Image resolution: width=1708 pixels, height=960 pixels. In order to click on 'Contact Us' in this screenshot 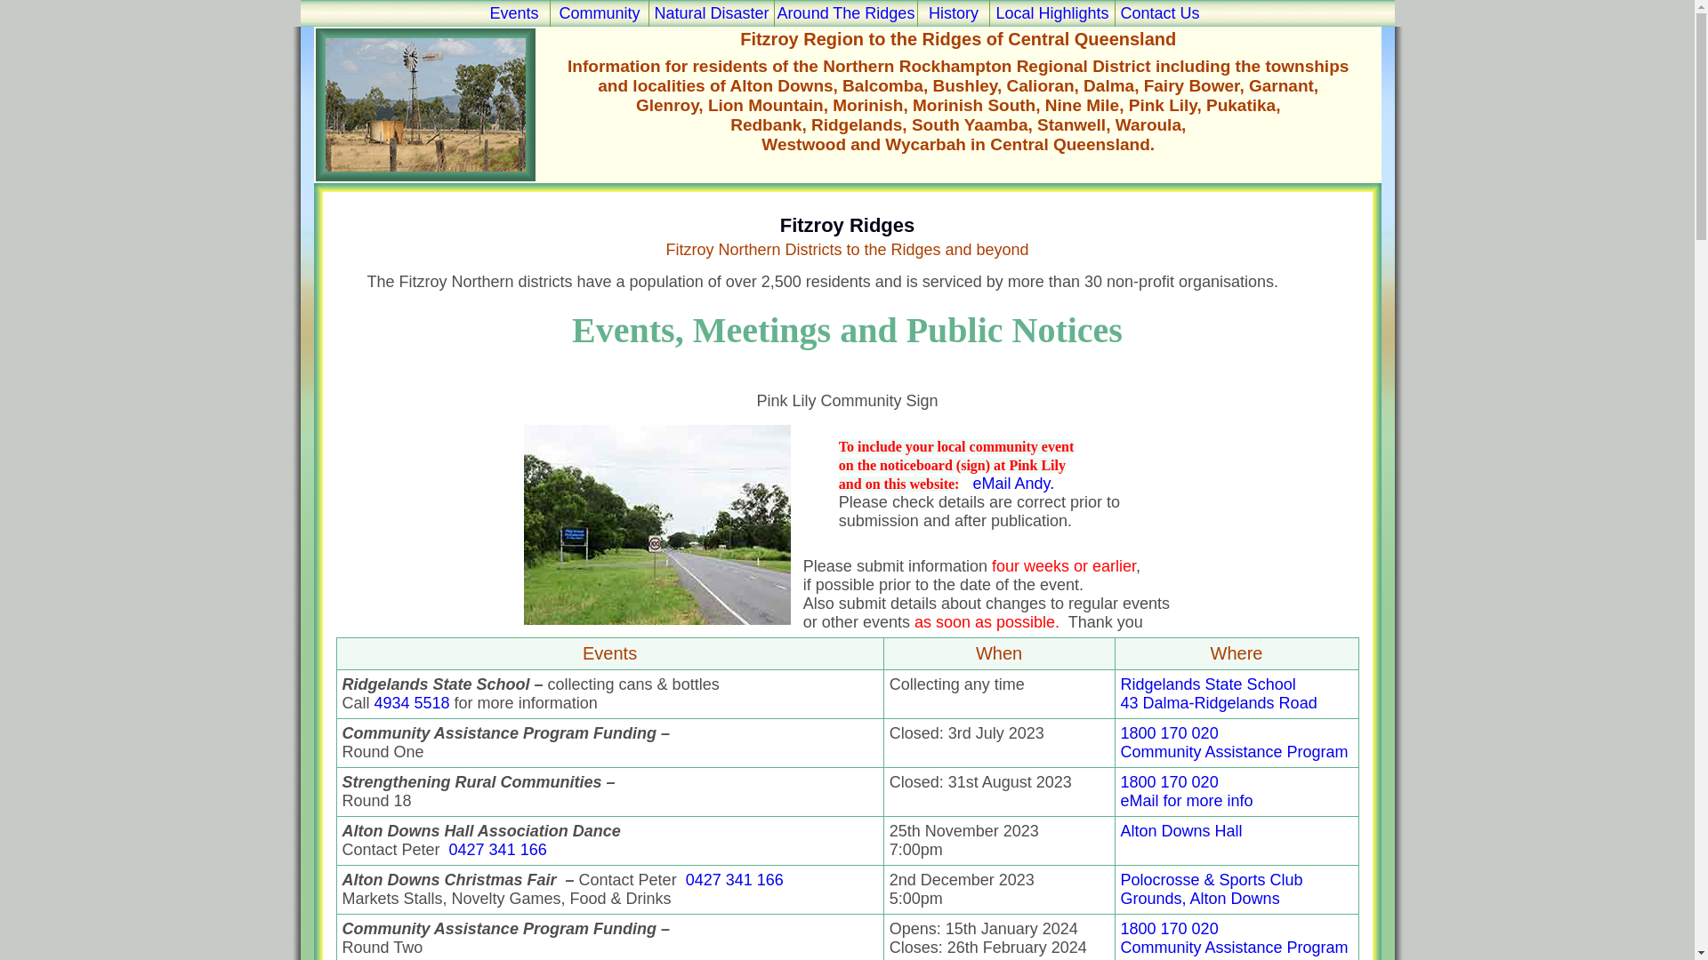, I will do `click(1160, 13)`.